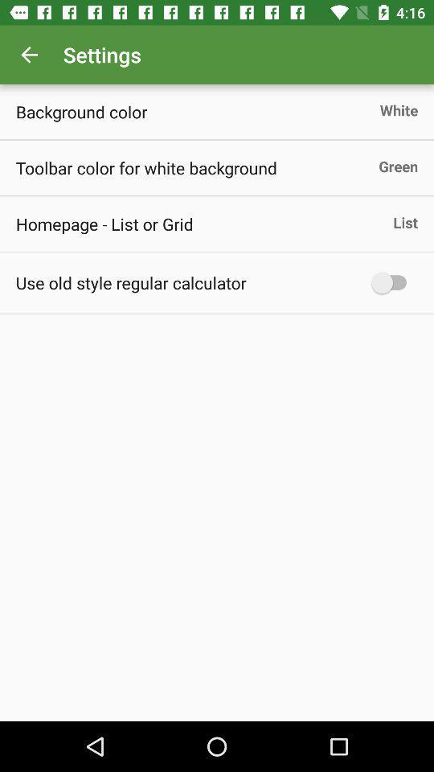 This screenshot has height=772, width=434. Describe the element at coordinates (146, 167) in the screenshot. I see `toolbar color for` at that location.